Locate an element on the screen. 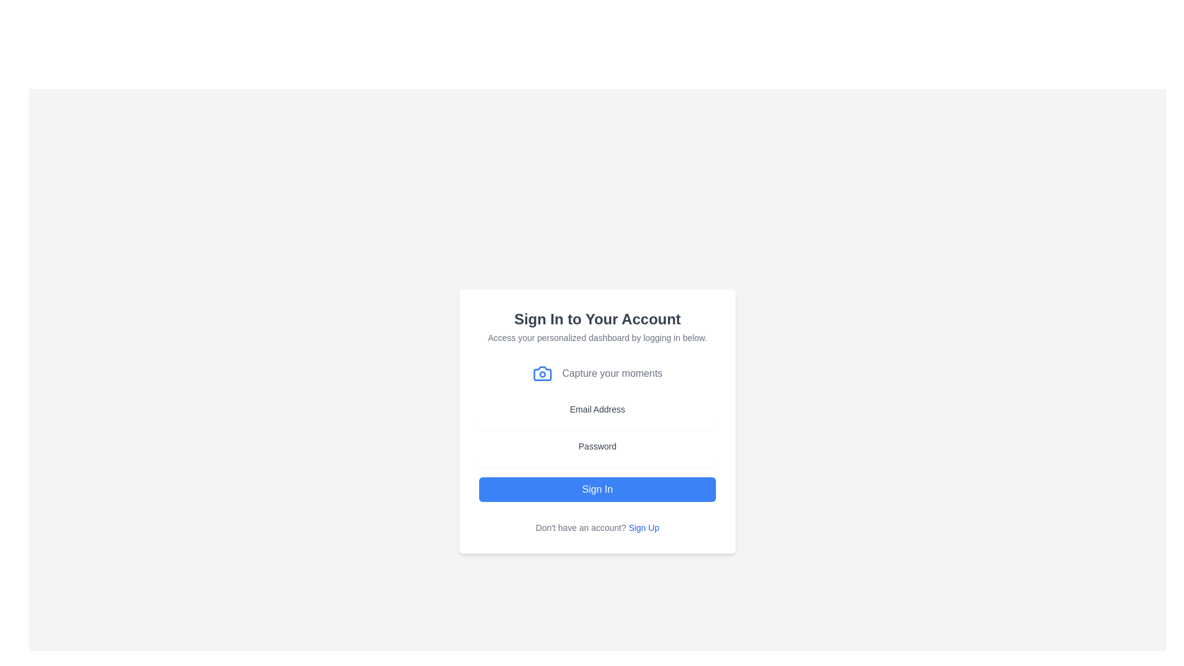 The width and height of the screenshot is (1184, 666). the text label that provides context for the camera icon, located below 'Sign In to Your Account' and above the email input field is located at coordinates (612, 372).